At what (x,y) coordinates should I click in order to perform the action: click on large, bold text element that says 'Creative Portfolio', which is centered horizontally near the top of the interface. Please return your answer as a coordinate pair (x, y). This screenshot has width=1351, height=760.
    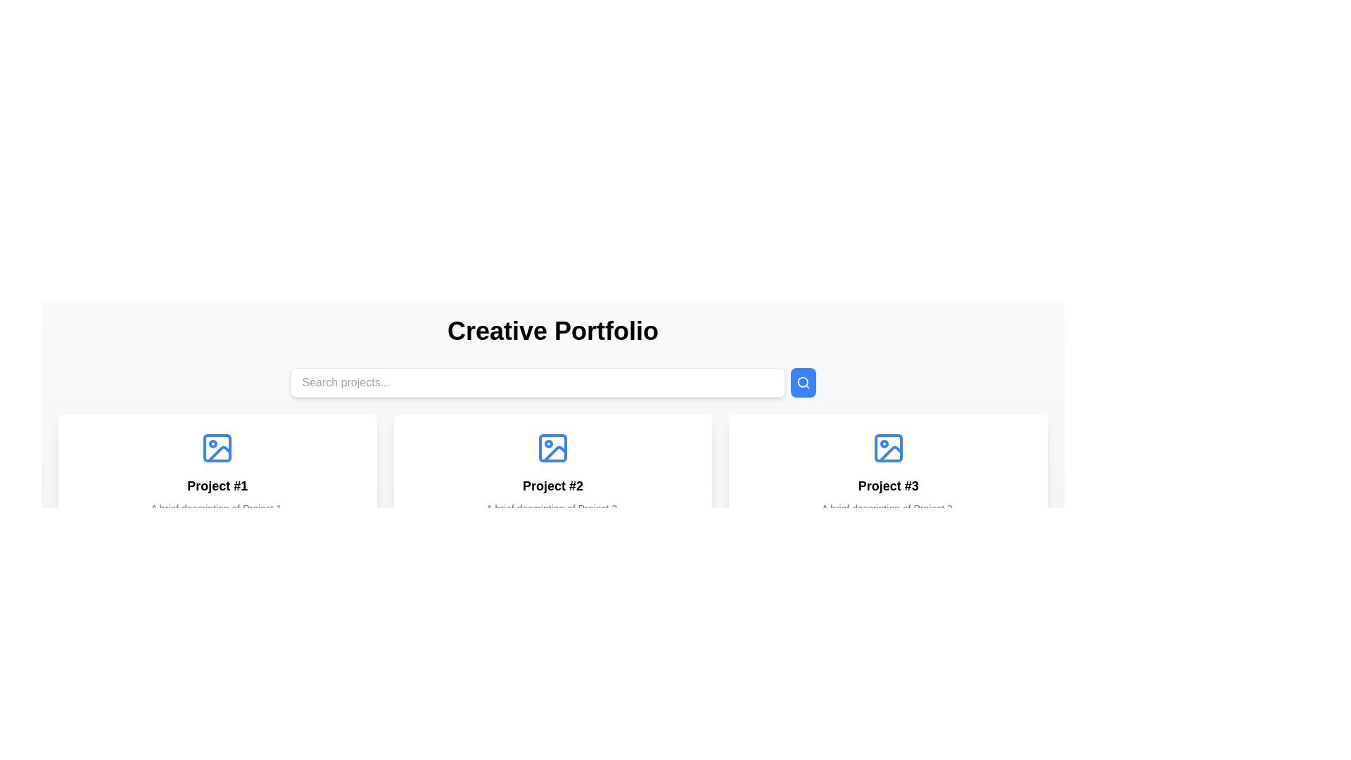
    Looking at the image, I should click on (552, 331).